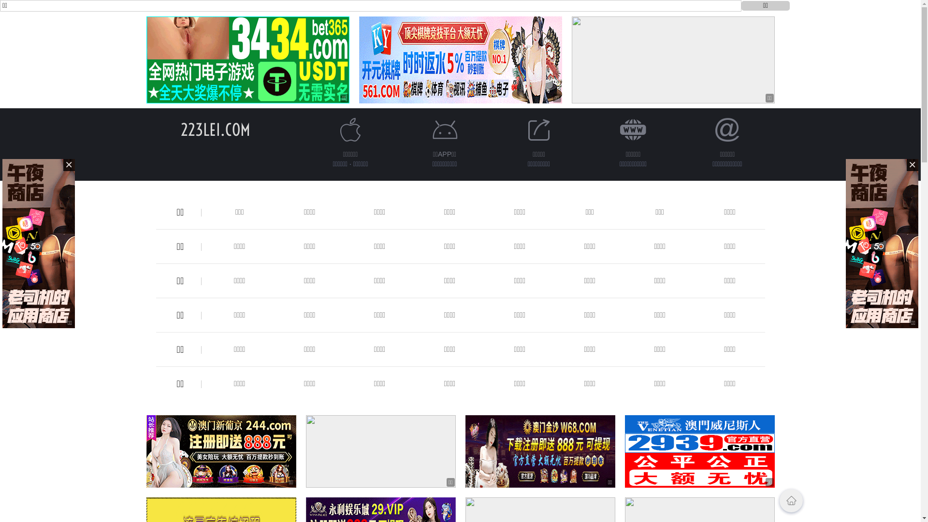 The width and height of the screenshot is (928, 522). Describe the element at coordinates (215, 129) in the screenshot. I see `'223LEI.COM'` at that location.